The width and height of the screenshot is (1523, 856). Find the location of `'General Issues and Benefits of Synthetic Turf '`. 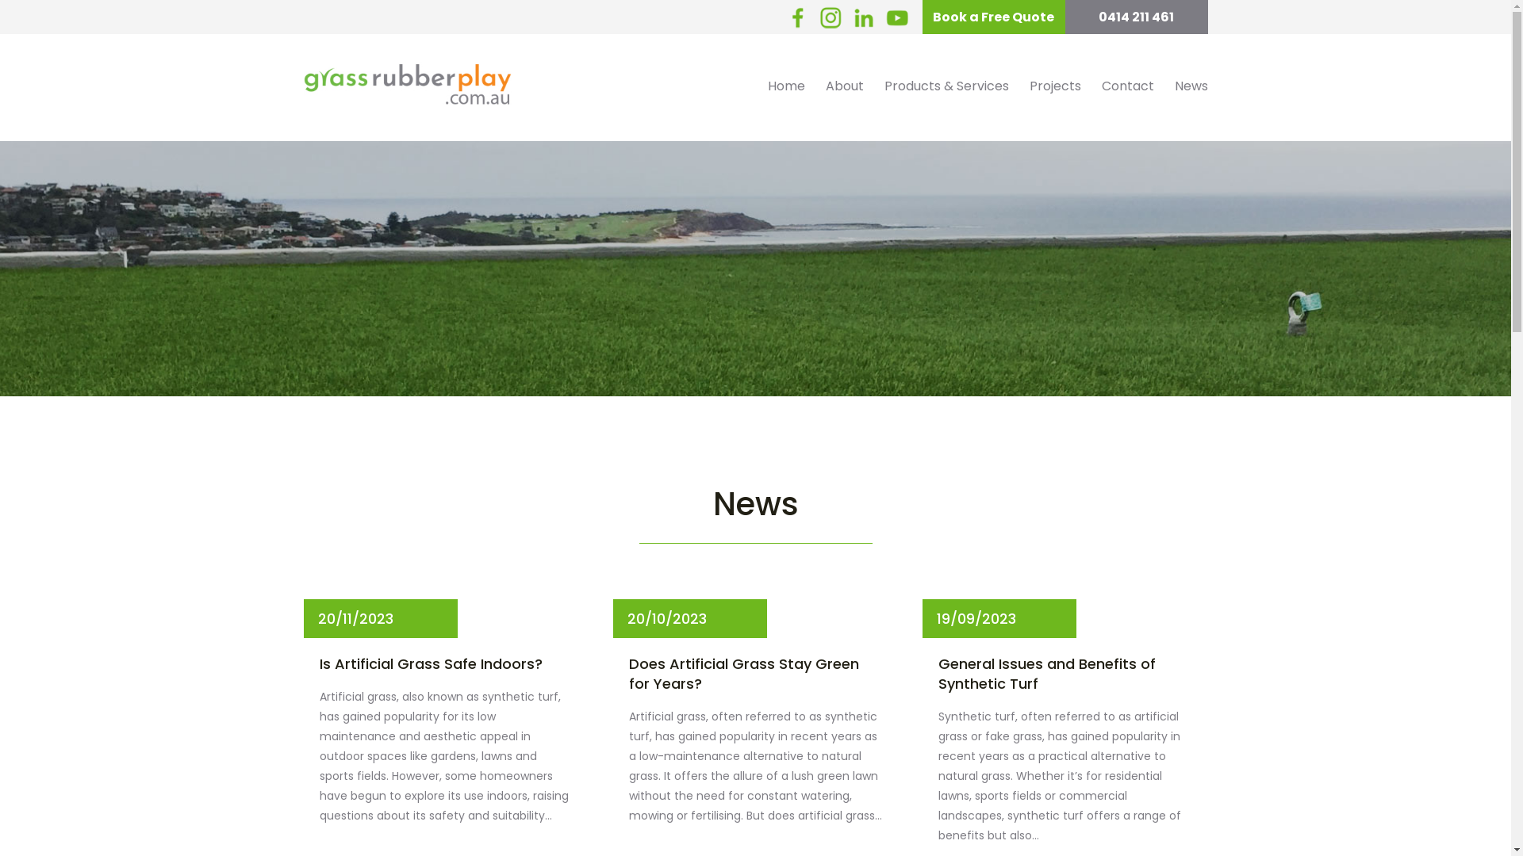

'General Issues and Benefits of Synthetic Turf ' is located at coordinates (1065, 673).